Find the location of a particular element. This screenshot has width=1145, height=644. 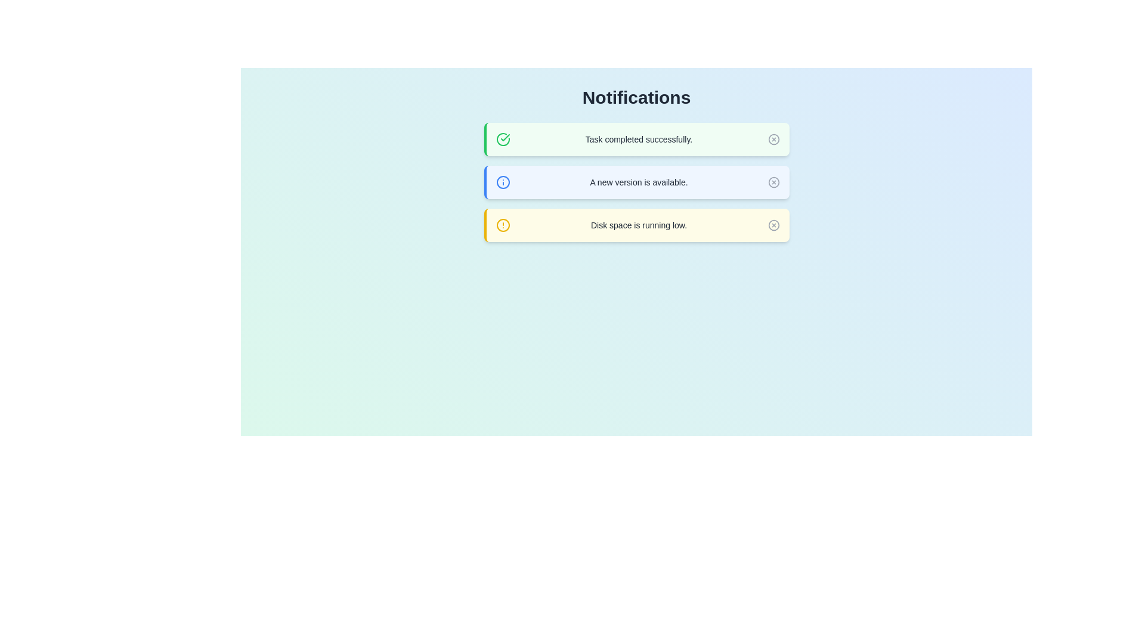

close button for the notification with message 'Task completed successfully.' is located at coordinates (773, 139).